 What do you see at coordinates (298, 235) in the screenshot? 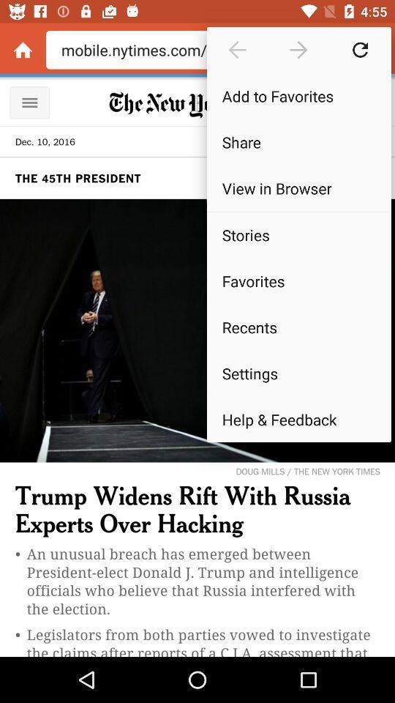
I see `the stories item` at bounding box center [298, 235].